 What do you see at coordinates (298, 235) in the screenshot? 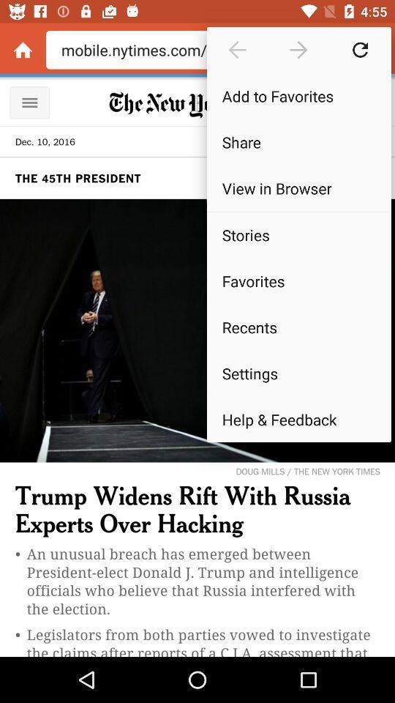
I see `the stories item` at bounding box center [298, 235].